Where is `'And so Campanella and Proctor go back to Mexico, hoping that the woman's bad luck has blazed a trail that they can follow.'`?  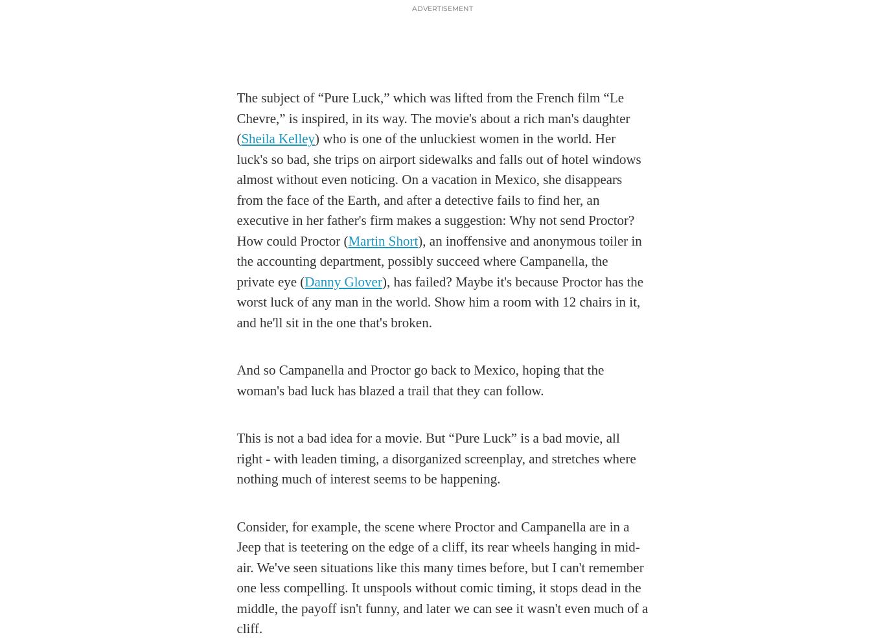
'And so Campanella and Proctor go back to Mexico, hoping that the woman's bad luck has blazed a trail that they can follow.' is located at coordinates (419, 380).